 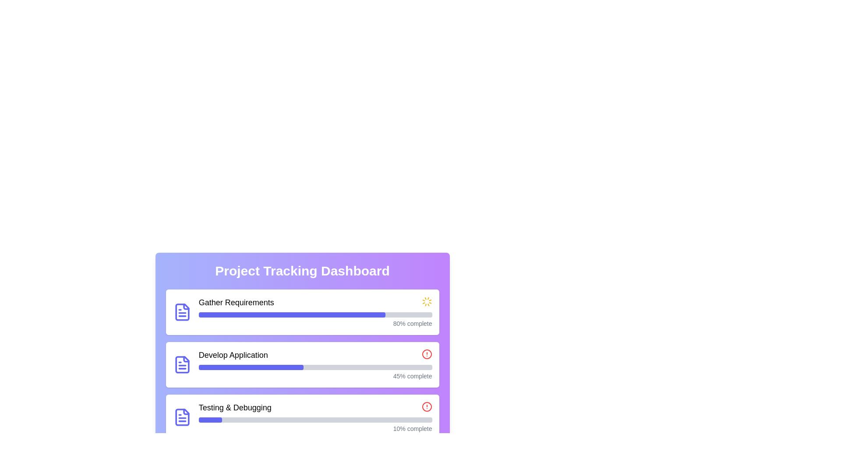 What do you see at coordinates (210, 420) in the screenshot?
I see `the Progress Indicator that visually indicates the completed percentage of the 'Testing & Debugging' task within the project's progress dashboard, located at the bottom of the task list` at bounding box center [210, 420].